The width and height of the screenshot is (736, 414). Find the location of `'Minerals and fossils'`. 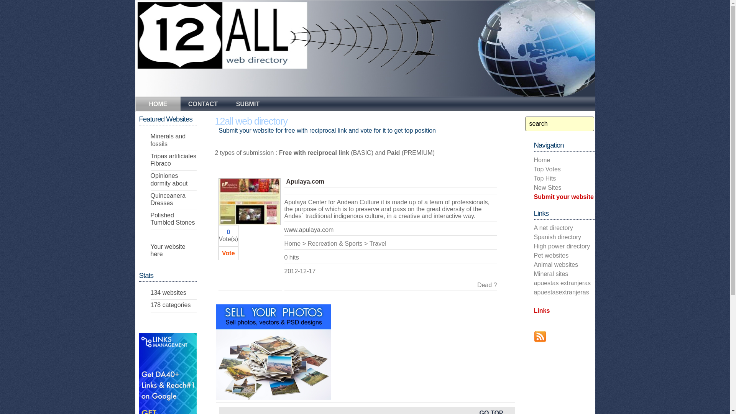

'Minerals and fossils' is located at coordinates (167, 140).